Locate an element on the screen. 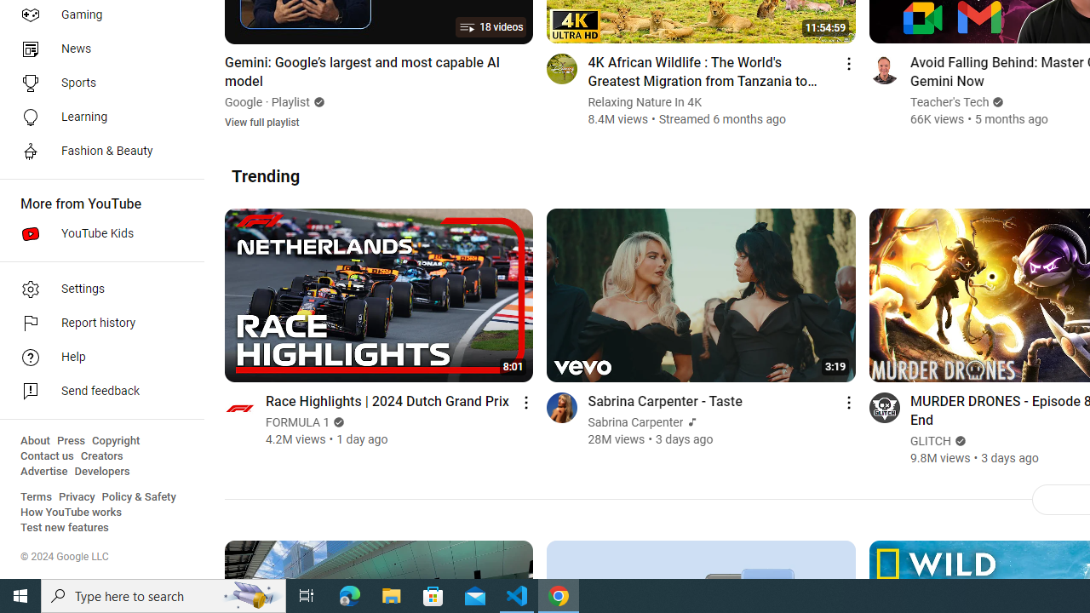 The image size is (1090, 613). 'Test new features' is located at coordinates (65, 527).